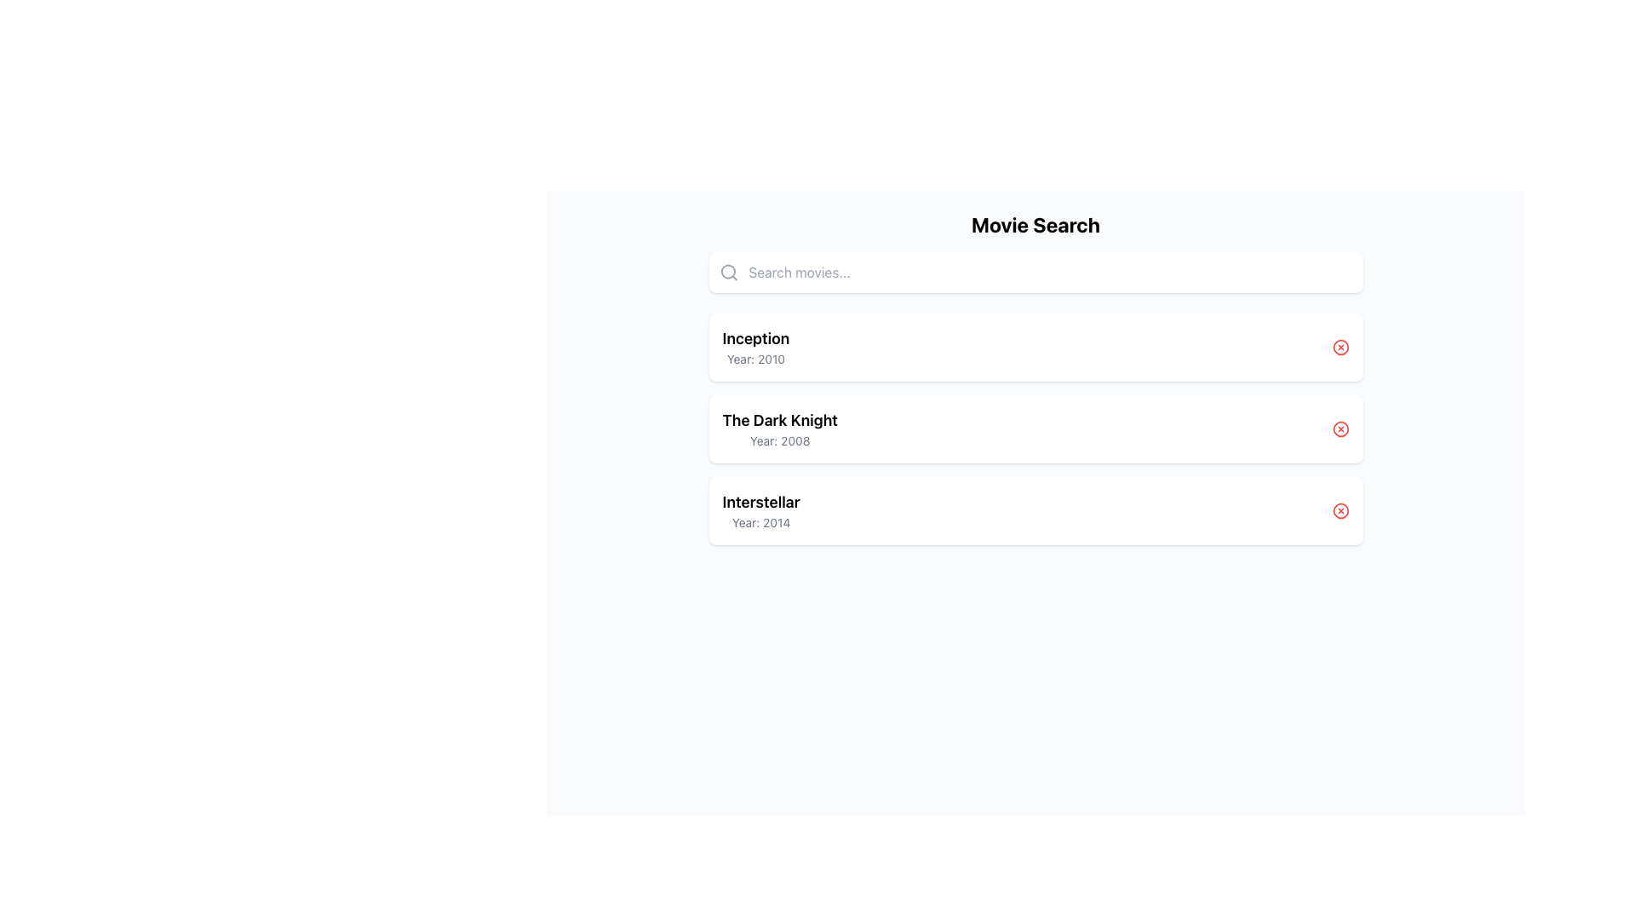  Describe the element at coordinates (779, 440) in the screenshot. I see `the static text element that displays 'Year: 2008', which is part of the movie entry for 'The Dark Knight'` at that location.